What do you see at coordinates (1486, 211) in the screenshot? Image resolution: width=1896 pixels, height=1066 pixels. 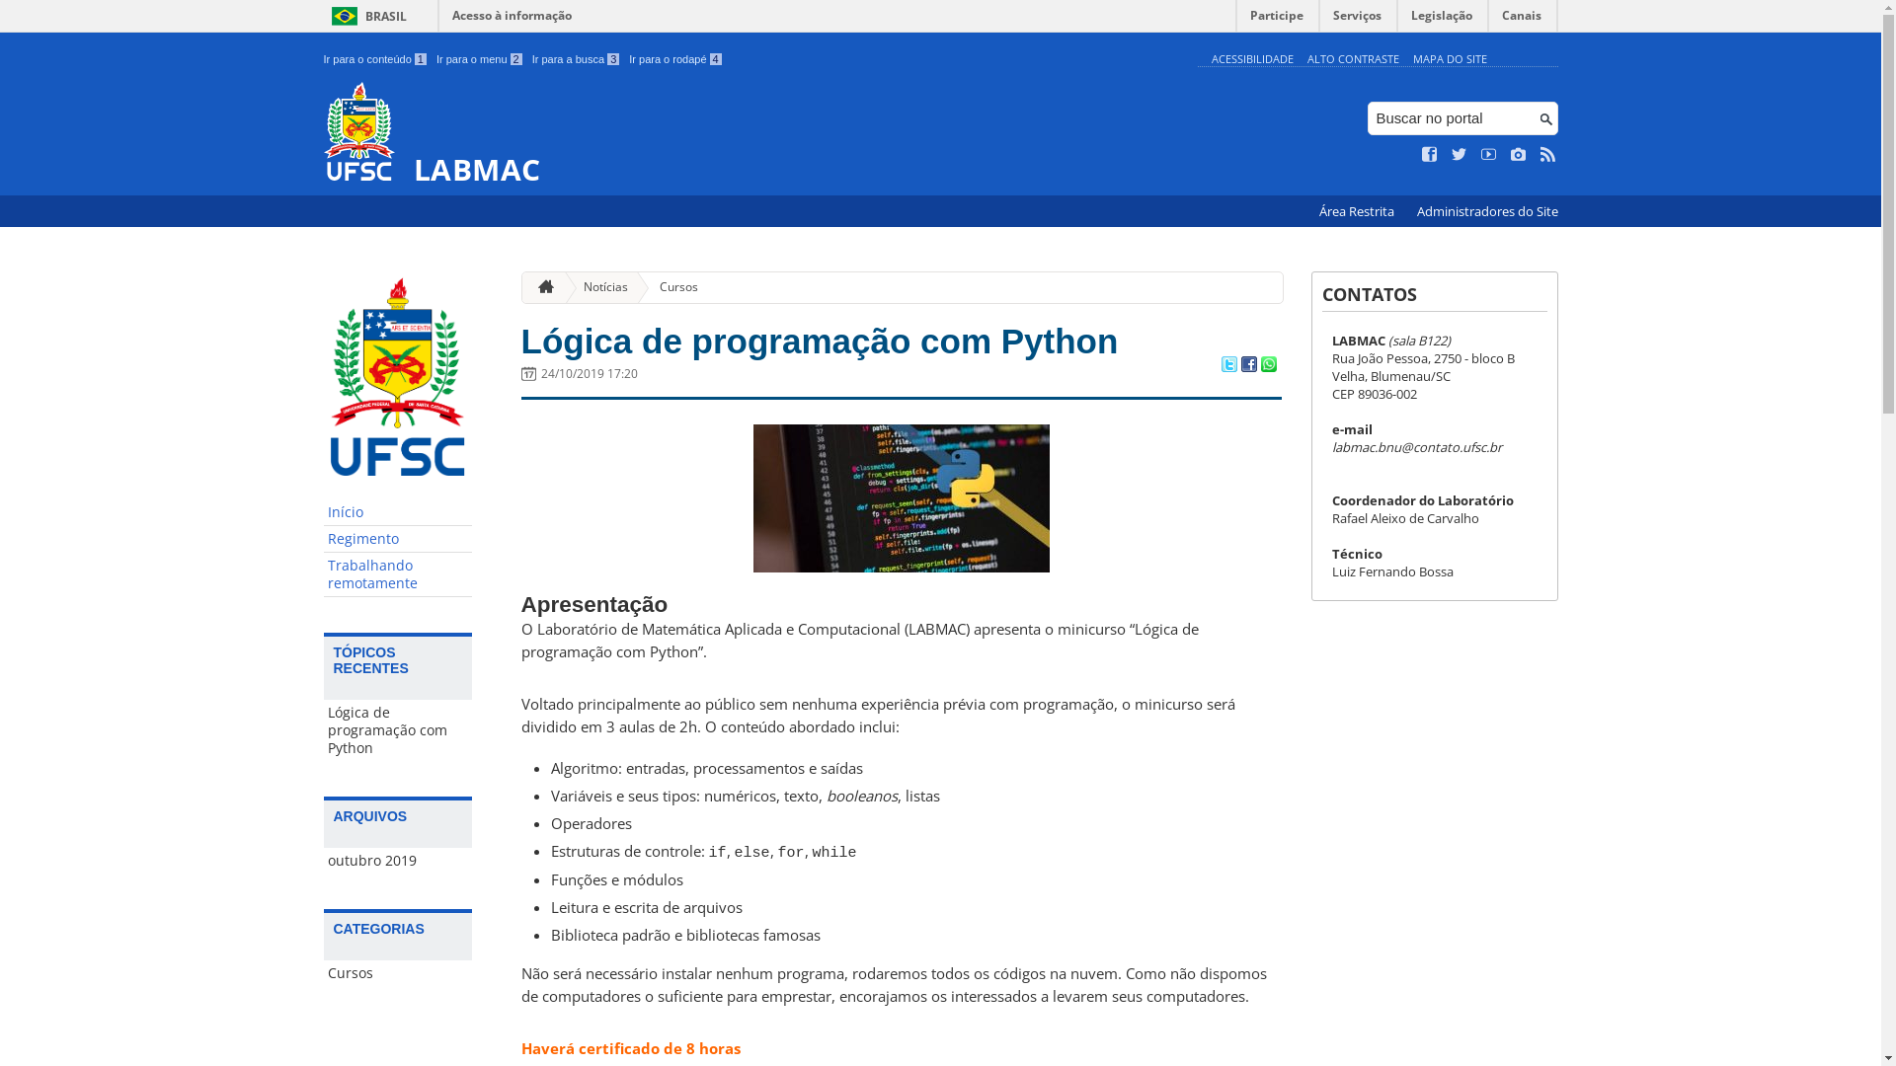 I see `'Administradores do Site'` at bounding box center [1486, 211].